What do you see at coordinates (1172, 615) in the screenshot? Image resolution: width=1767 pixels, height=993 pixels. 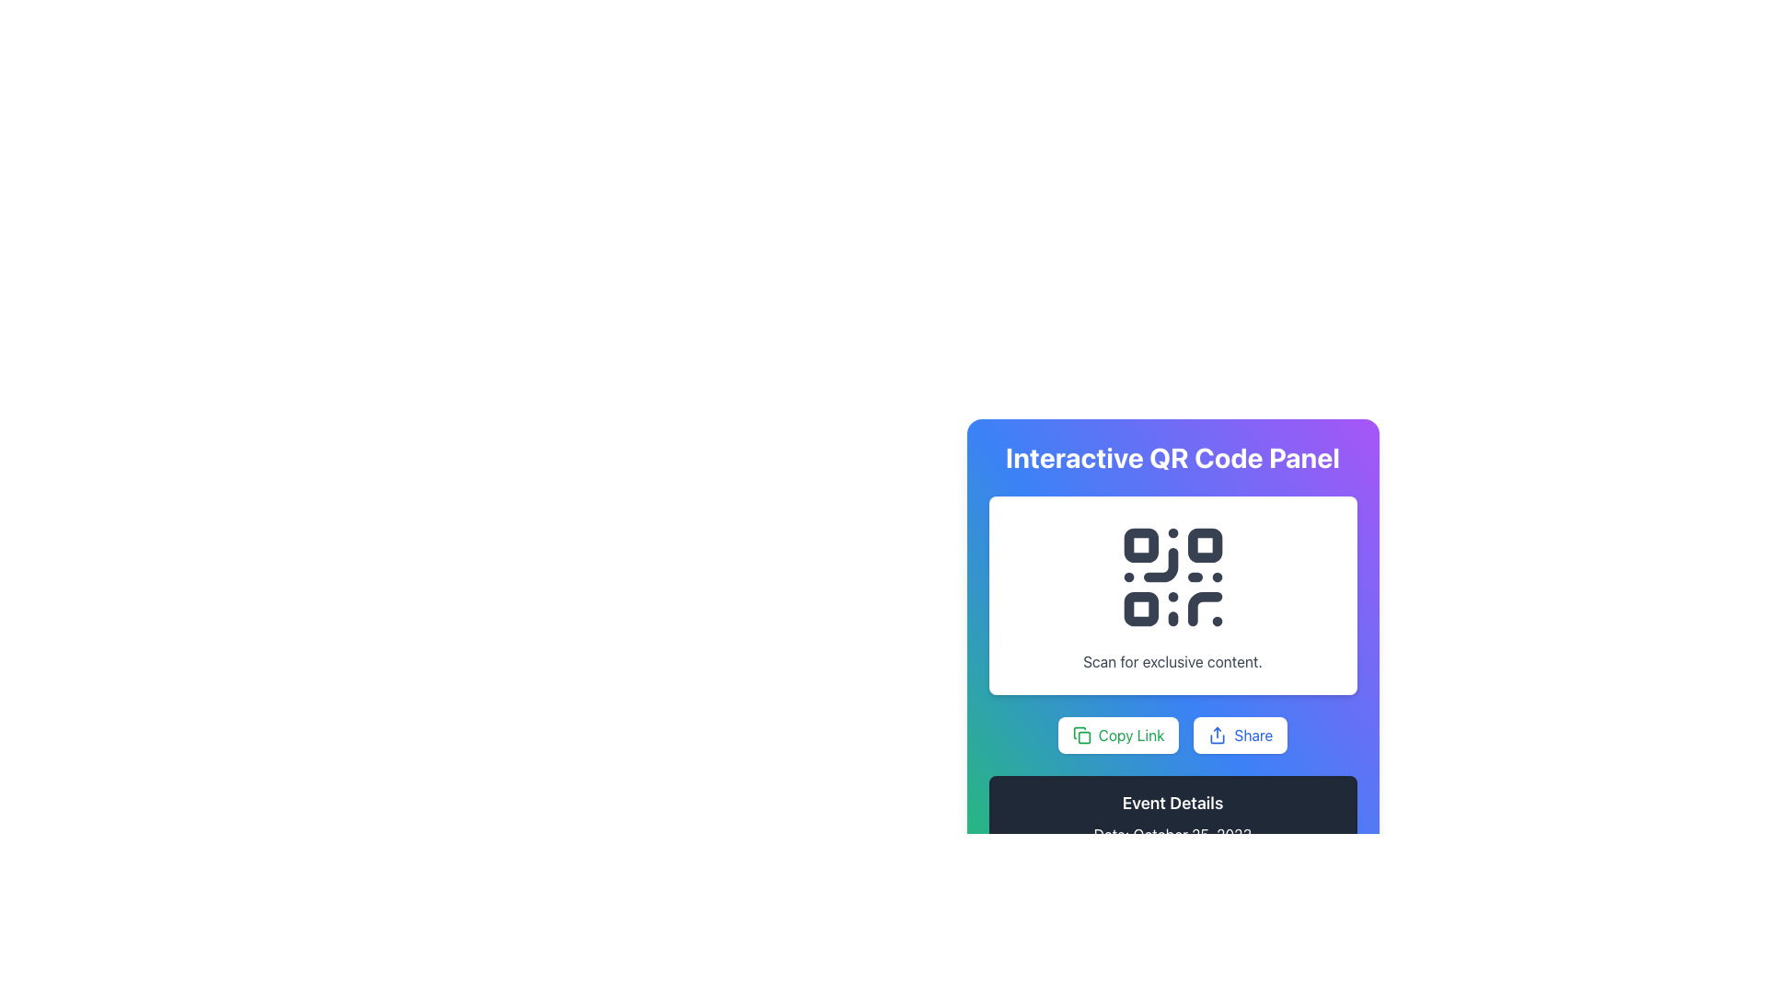 I see `the 'Interactive QR Code Panel' which features a gradient background, a QR code, and buttons for 'Copy Link' and 'Share'` at bounding box center [1172, 615].